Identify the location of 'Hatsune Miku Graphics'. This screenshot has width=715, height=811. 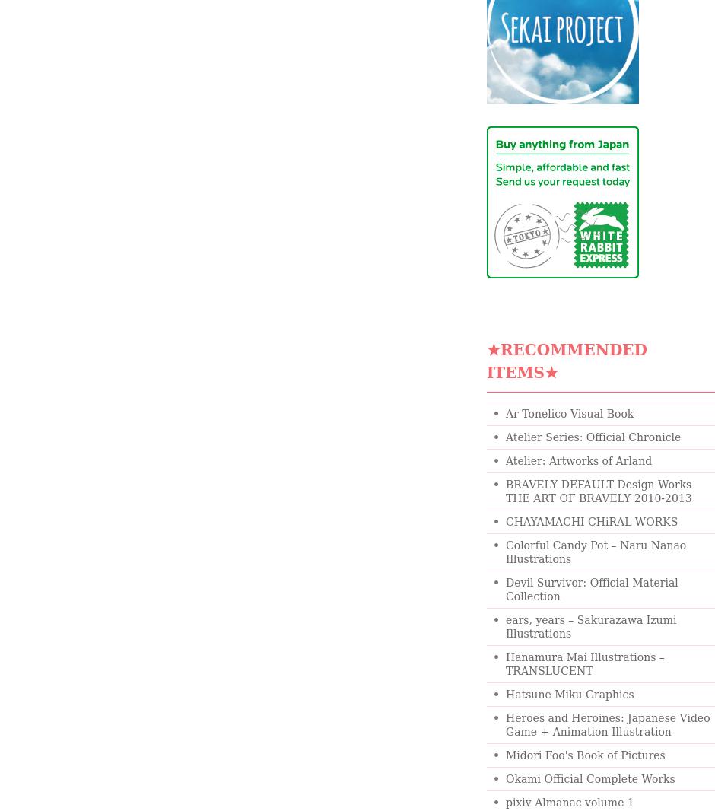
(505, 695).